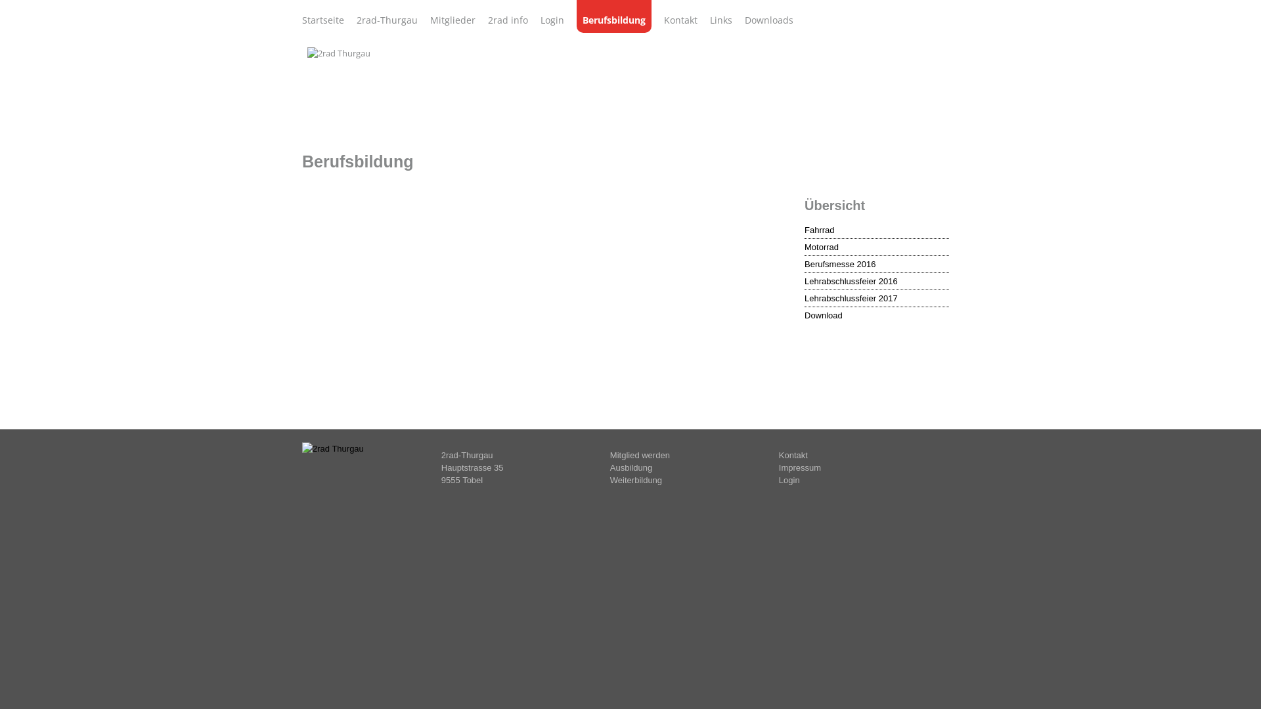 The image size is (1261, 709). I want to click on 'Motorrad', so click(876, 248).